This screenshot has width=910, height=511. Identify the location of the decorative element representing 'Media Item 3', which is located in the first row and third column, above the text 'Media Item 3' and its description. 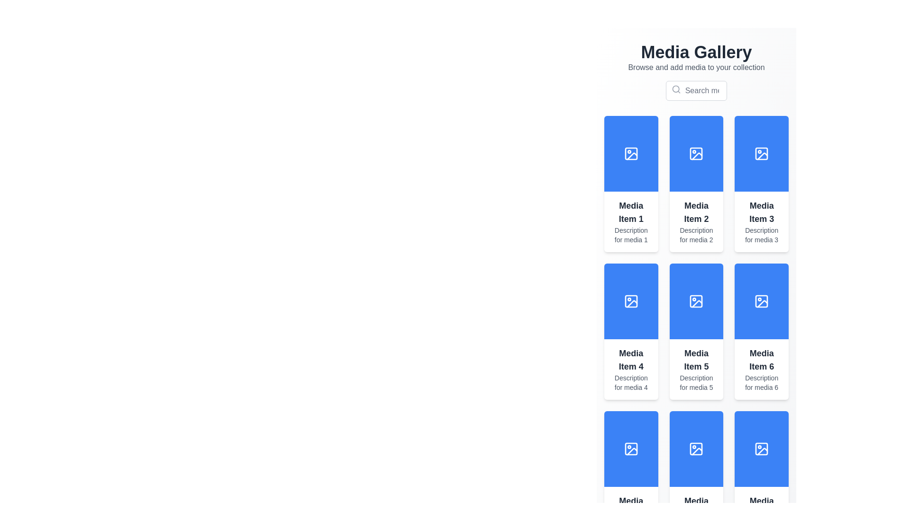
(762, 153).